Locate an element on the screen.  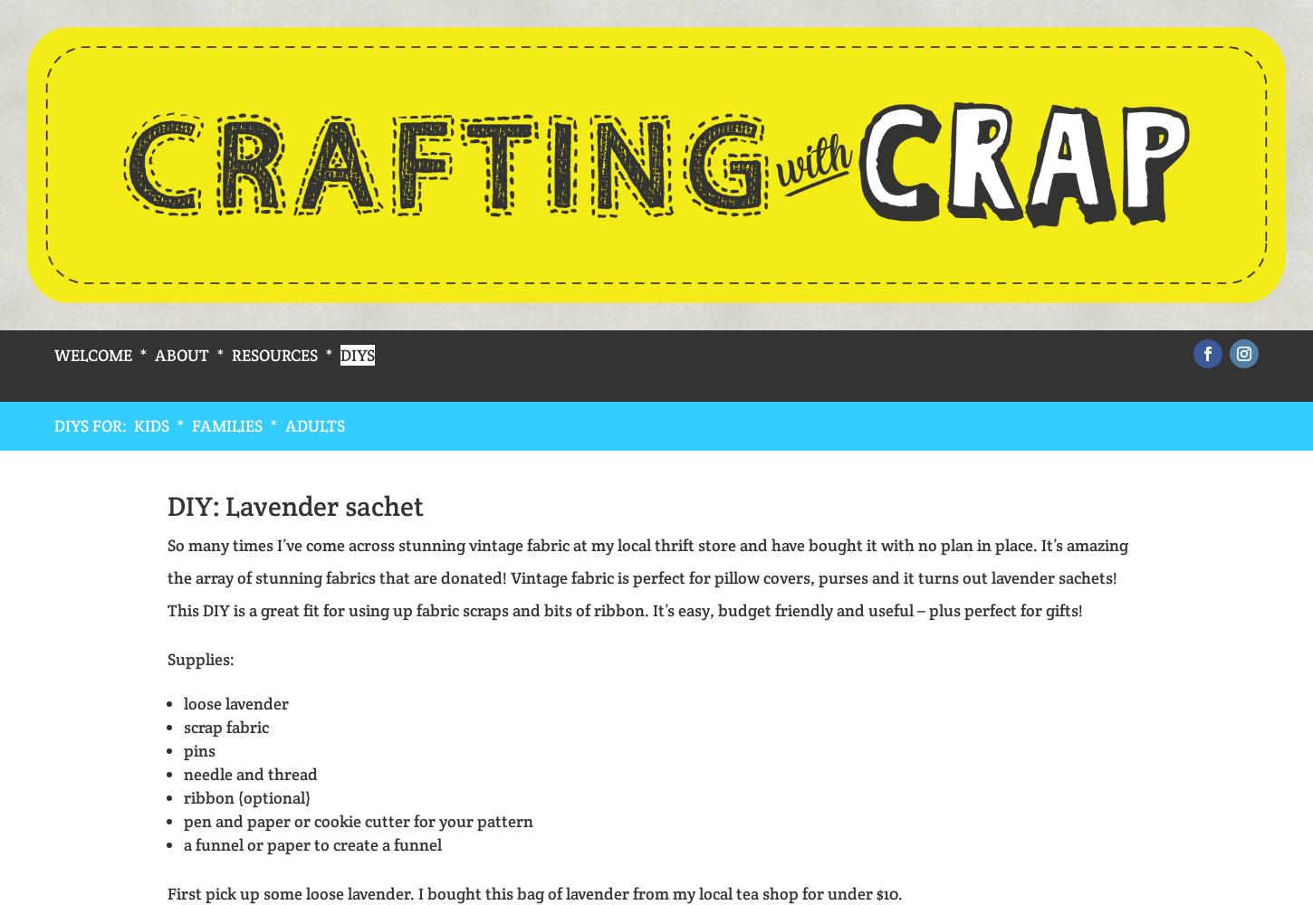
'First pick up some loose lavender. I bought this bag of lavender from my local tea shop for under $10.' is located at coordinates (535, 891).